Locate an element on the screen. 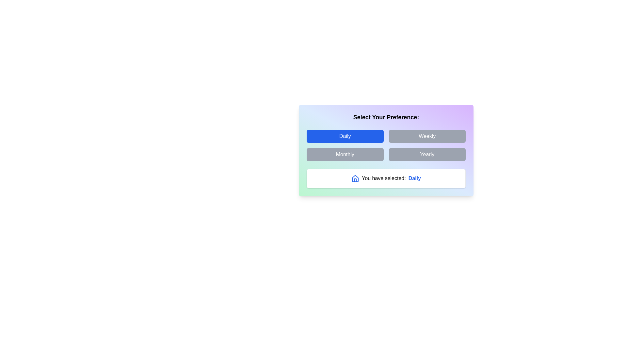  the house icon SVG element, which is characterized by a triangular roof and a rectangular base, located at the bottom of the interface where user preference statements are displayed is located at coordinates (355, 178).